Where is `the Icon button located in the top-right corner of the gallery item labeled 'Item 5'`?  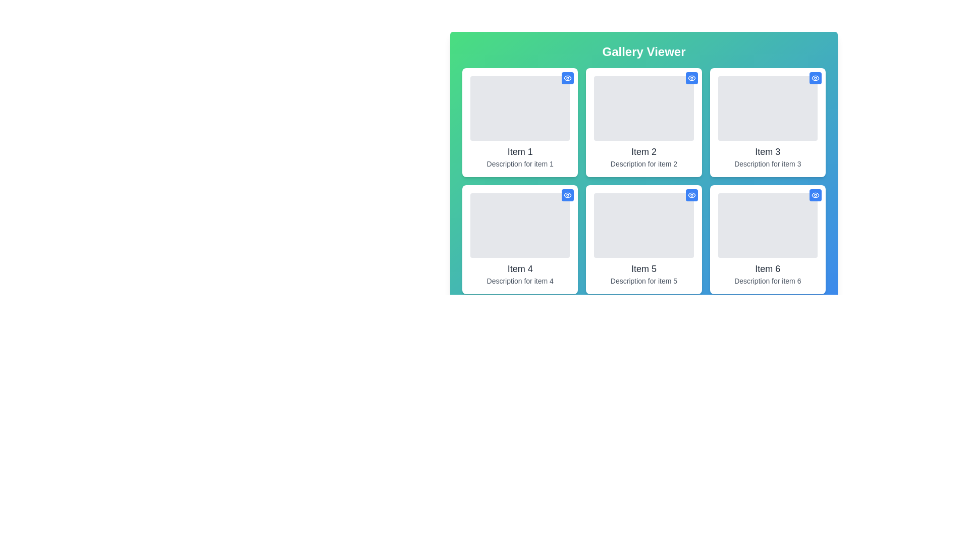 the Icon button located in the top-right corner of the gallery item labeled 'Item 5' is located at coordinates (691, 195).